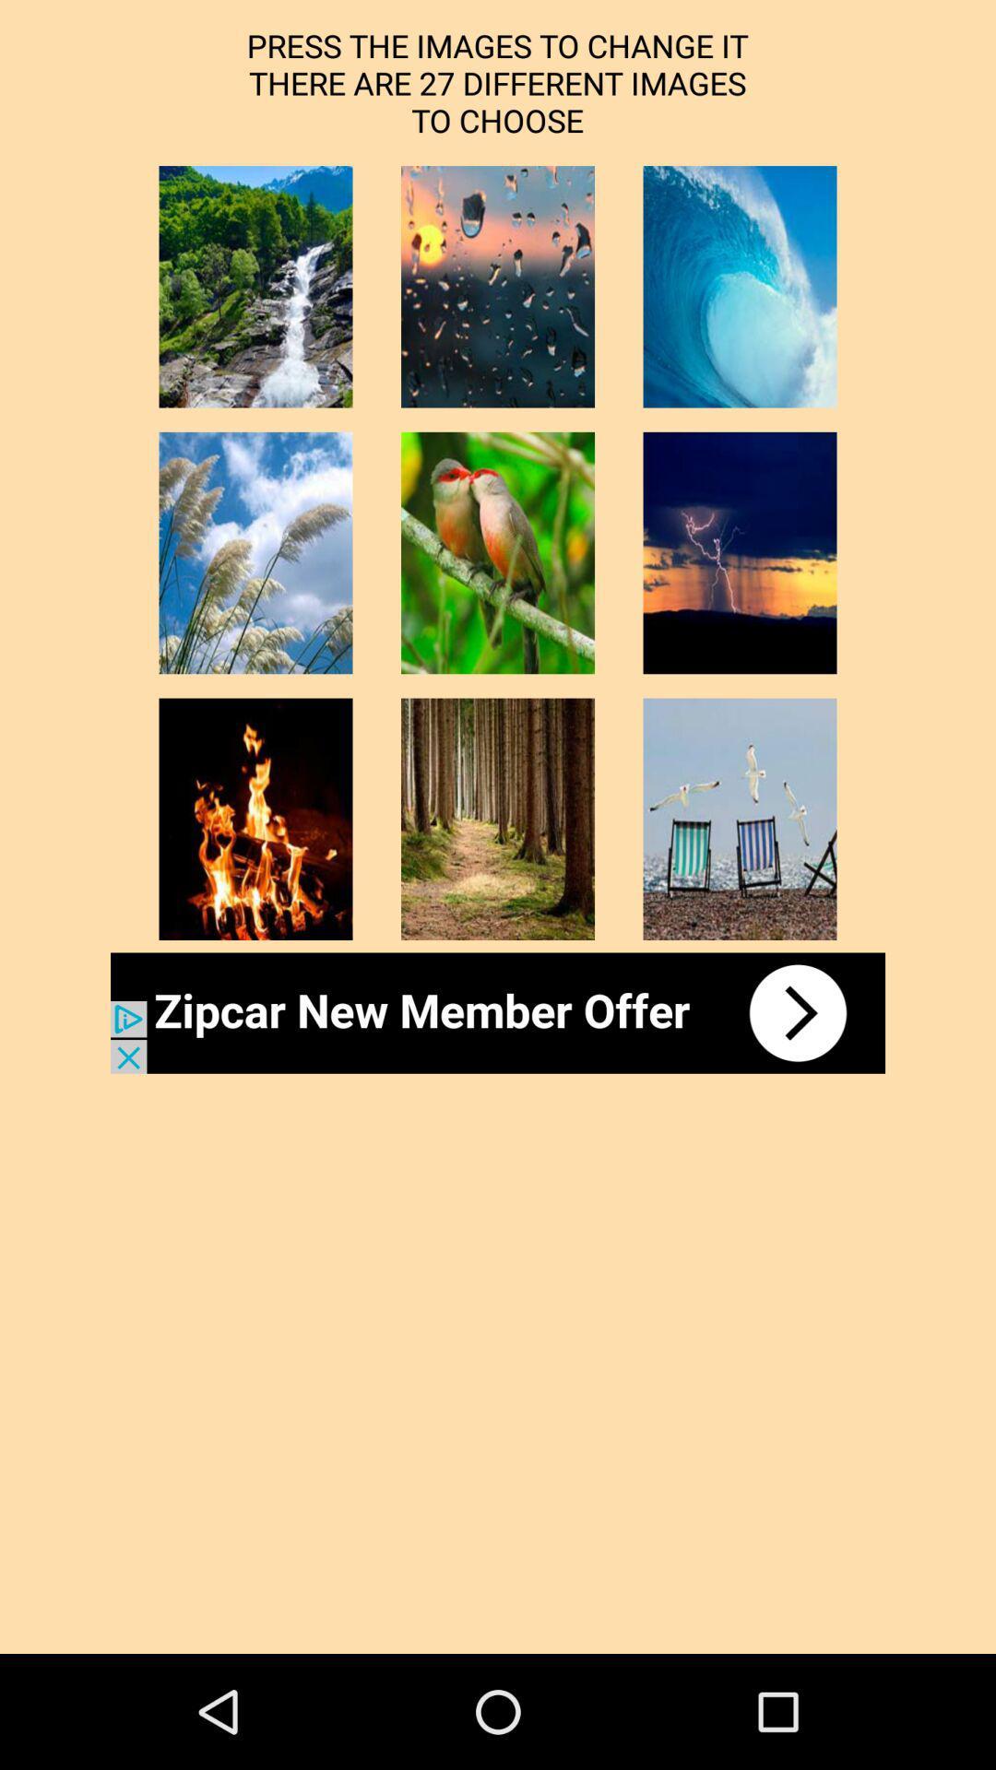 Image resolution: width=996 pixels, height=1770 pixels. What do you see at coordinates (498, 818) in the screenshot?
I see `change image` at bounding box center [498, 818].